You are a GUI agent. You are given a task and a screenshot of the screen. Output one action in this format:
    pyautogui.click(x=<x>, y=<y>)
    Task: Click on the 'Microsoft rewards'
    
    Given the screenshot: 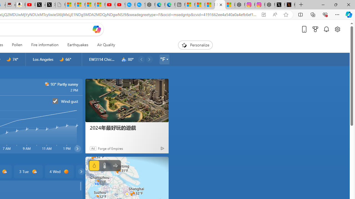 What is the action you would take?
    pyautogui.click(x=315, y=29)
    